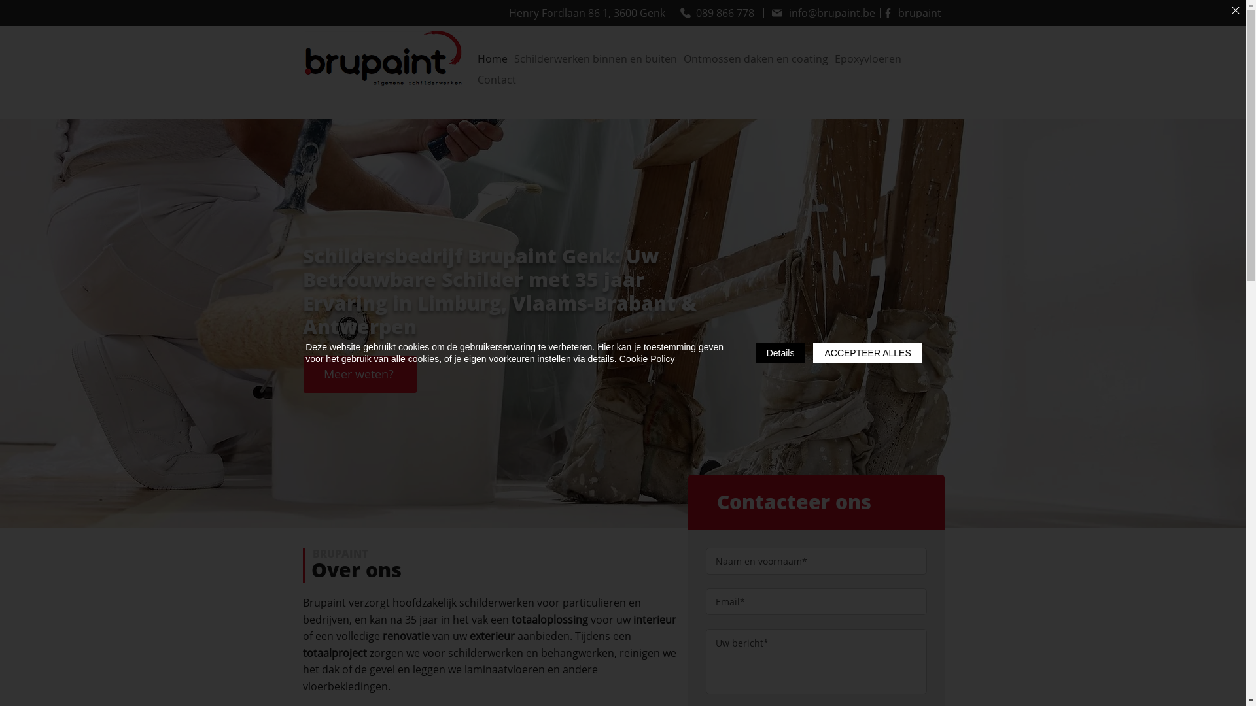  What do you see at coordinates (867, 353) in the screenshot?
I see `'ACCEPTEER ALLES'` at bounding box center [867, 353].